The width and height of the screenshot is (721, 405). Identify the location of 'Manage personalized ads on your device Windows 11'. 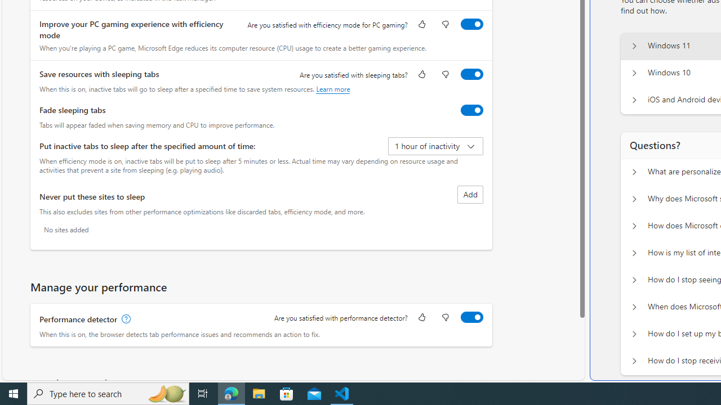
(634, 46).